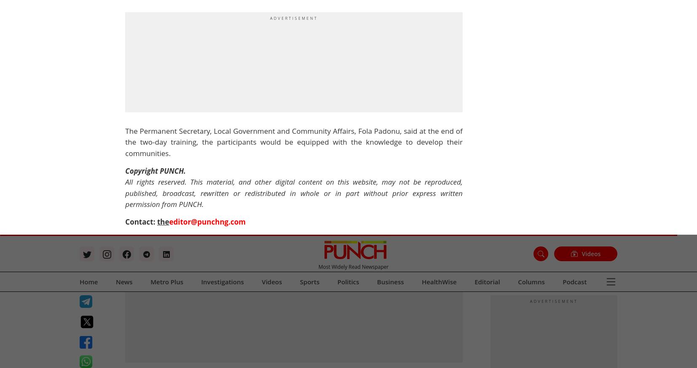  What do you see at coordinates (283, 56) in the screenshot?
I see `'Panorama'` at bounding box center [283, 56].